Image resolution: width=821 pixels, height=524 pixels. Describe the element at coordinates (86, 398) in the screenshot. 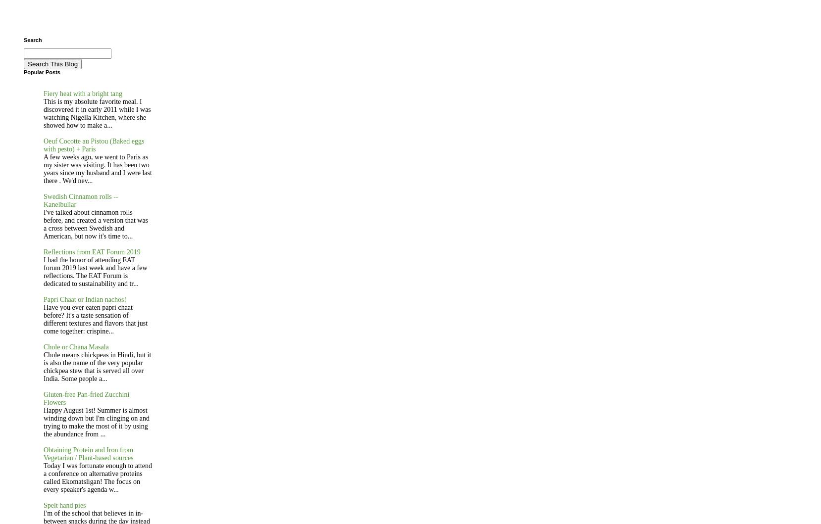

I see `'Gluten-free Pan-fried Zucchini Flowers'` at that location.